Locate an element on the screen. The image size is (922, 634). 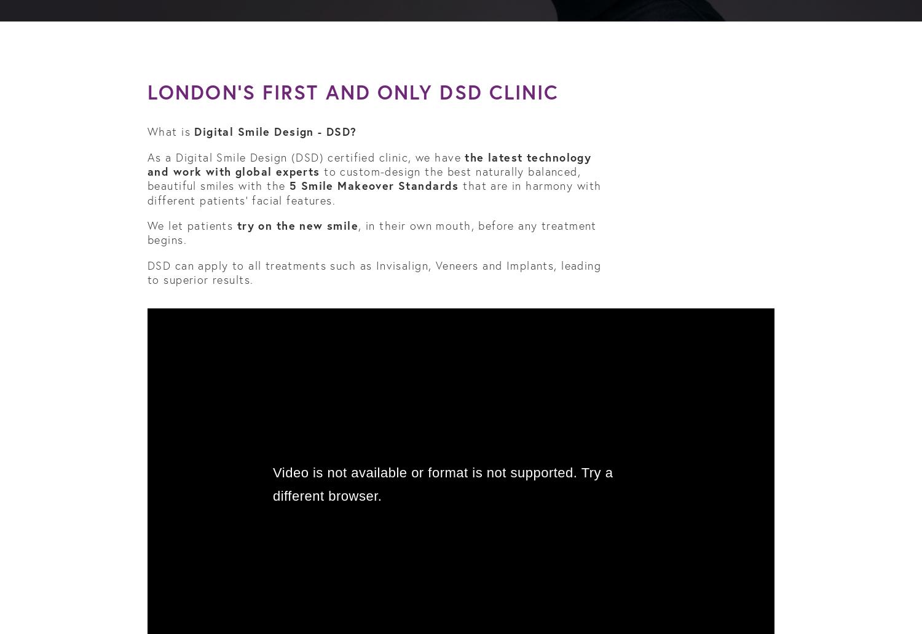
'London's FIRST AND ONLY' is located at coordinates (147, 91).